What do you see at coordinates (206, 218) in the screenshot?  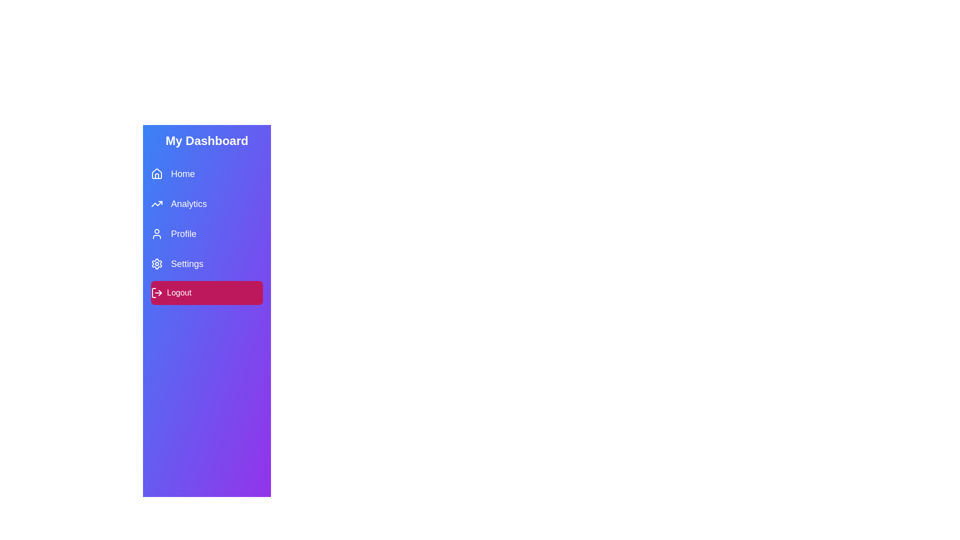 I see `the 'Analytics' menu item in the sidebar under 'My Dashboard'` at bounding box center [206, 218].